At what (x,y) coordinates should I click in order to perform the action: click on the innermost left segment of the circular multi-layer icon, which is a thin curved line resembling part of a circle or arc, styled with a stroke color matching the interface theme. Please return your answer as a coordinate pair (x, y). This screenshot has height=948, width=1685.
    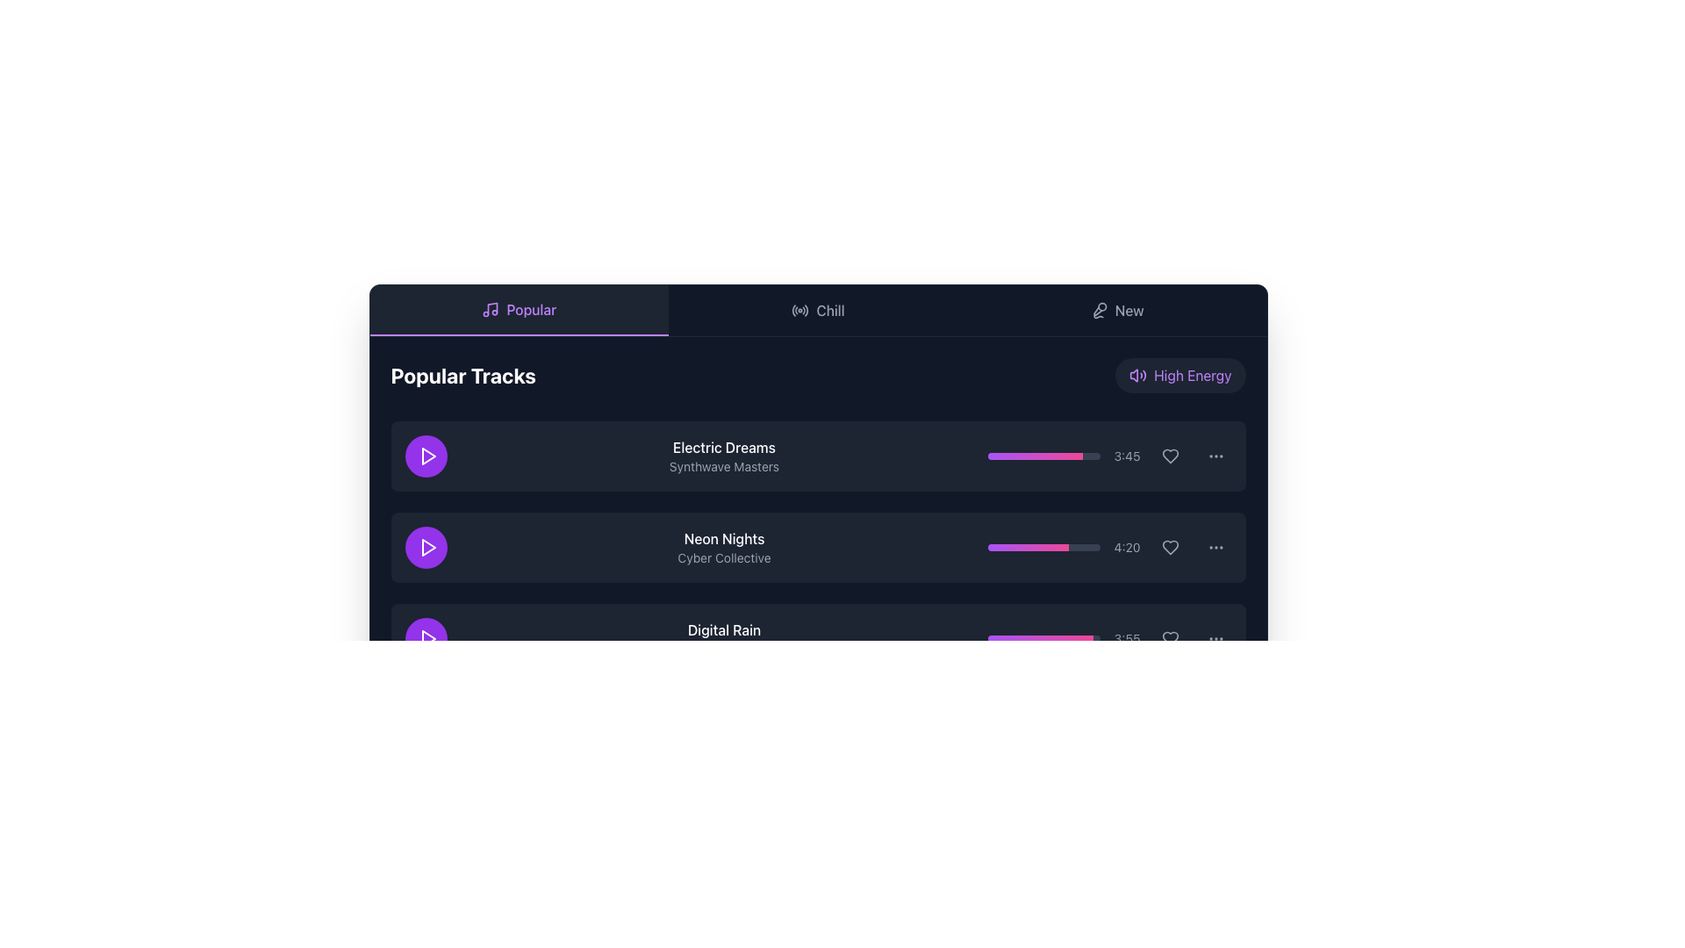
    Looking at the image, I should click on (793, 310).